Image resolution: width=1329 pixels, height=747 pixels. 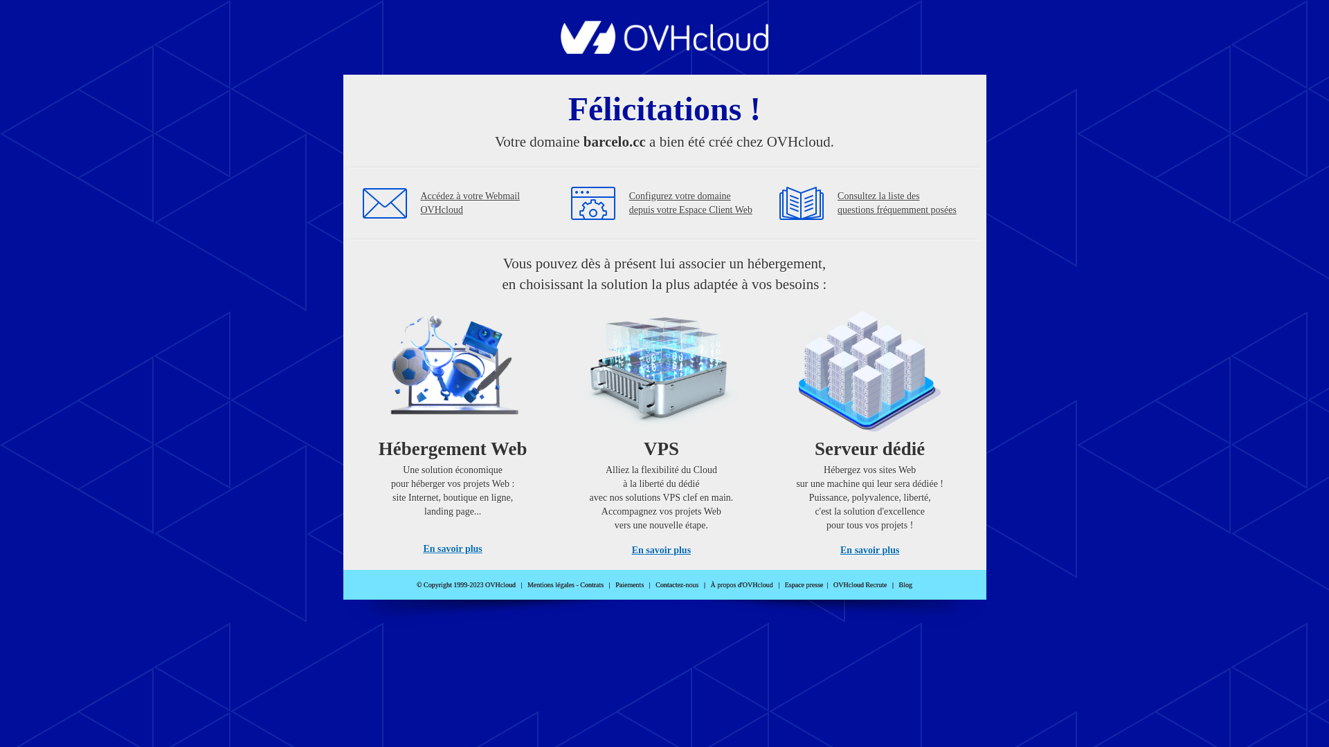 I want to click on 'Contactez-nous', so click(x=654, y=584).